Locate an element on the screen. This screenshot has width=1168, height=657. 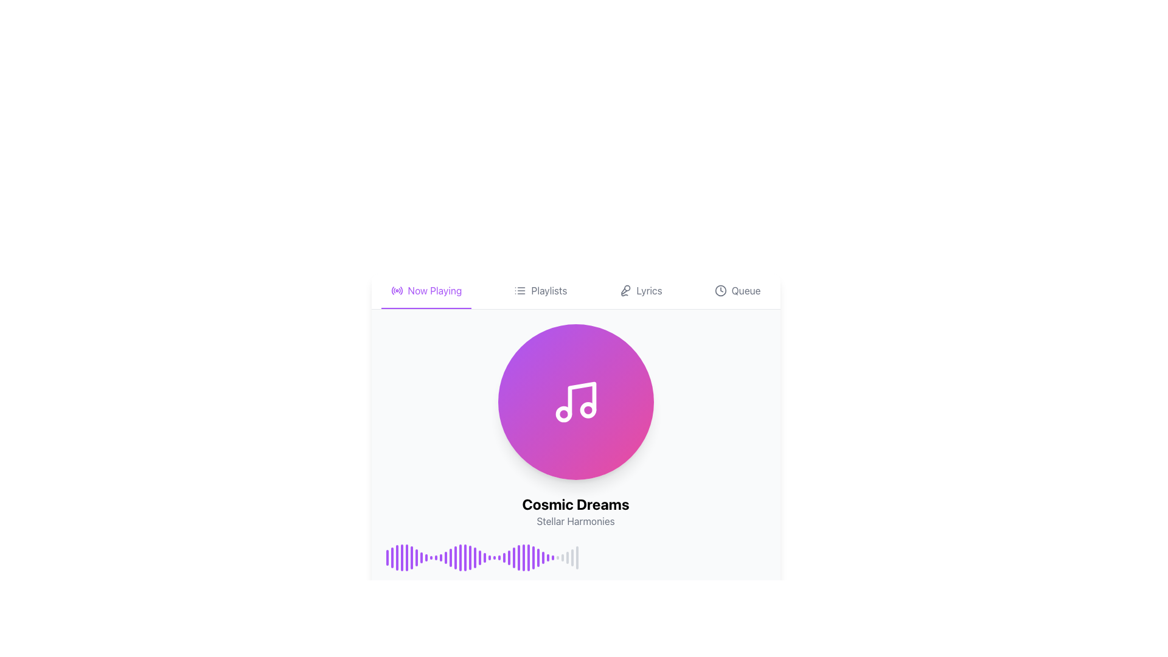
the progress or volume bar, which is the fifth from the right in a grouping of similar bars located in the lower part of the interface is located at coordinates (571, 558).